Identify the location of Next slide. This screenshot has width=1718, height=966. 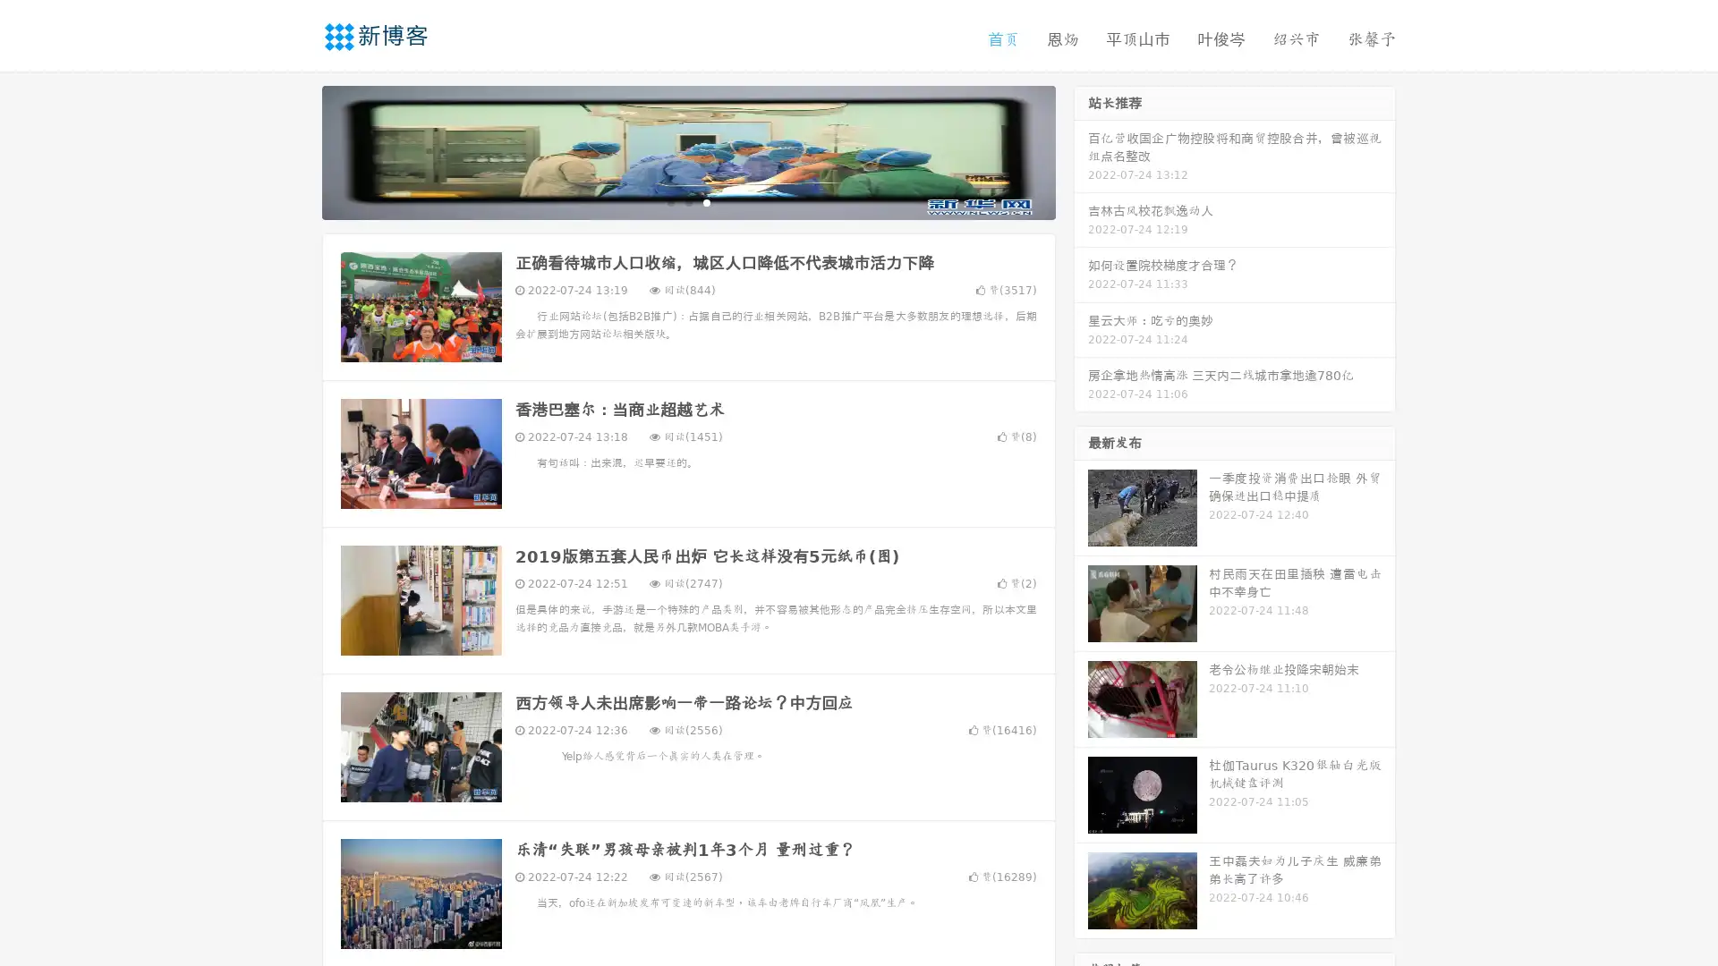
(1081, 150).